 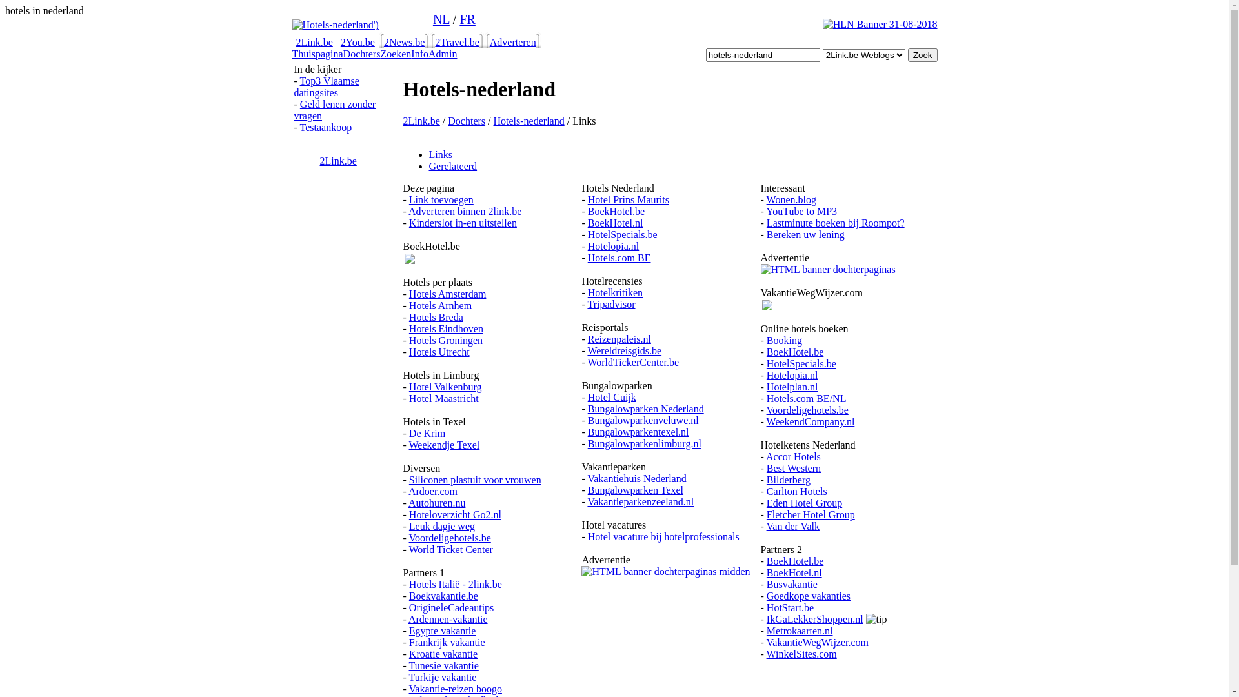 I want to click on 'Autohuren.nu', so click(x=436, y=502).